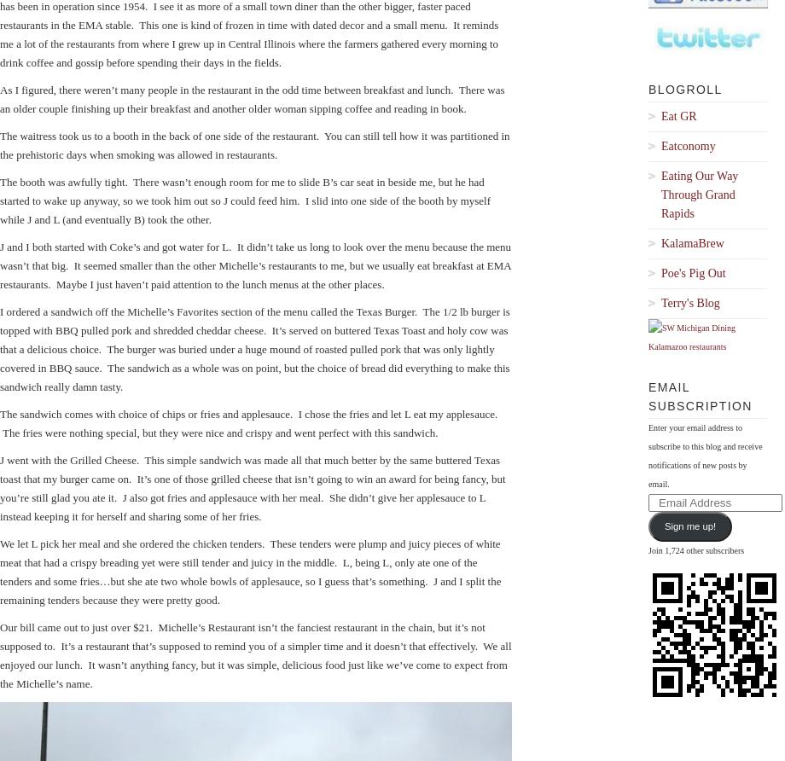 The height and width of the screenshot is (761, 785). What do you see at coordinates (648, 455) in the screenshot?
I see `'Enter your email address to subscribe to this blog and receive notifications of new posts by email.'` at bounding box center [648, 455].